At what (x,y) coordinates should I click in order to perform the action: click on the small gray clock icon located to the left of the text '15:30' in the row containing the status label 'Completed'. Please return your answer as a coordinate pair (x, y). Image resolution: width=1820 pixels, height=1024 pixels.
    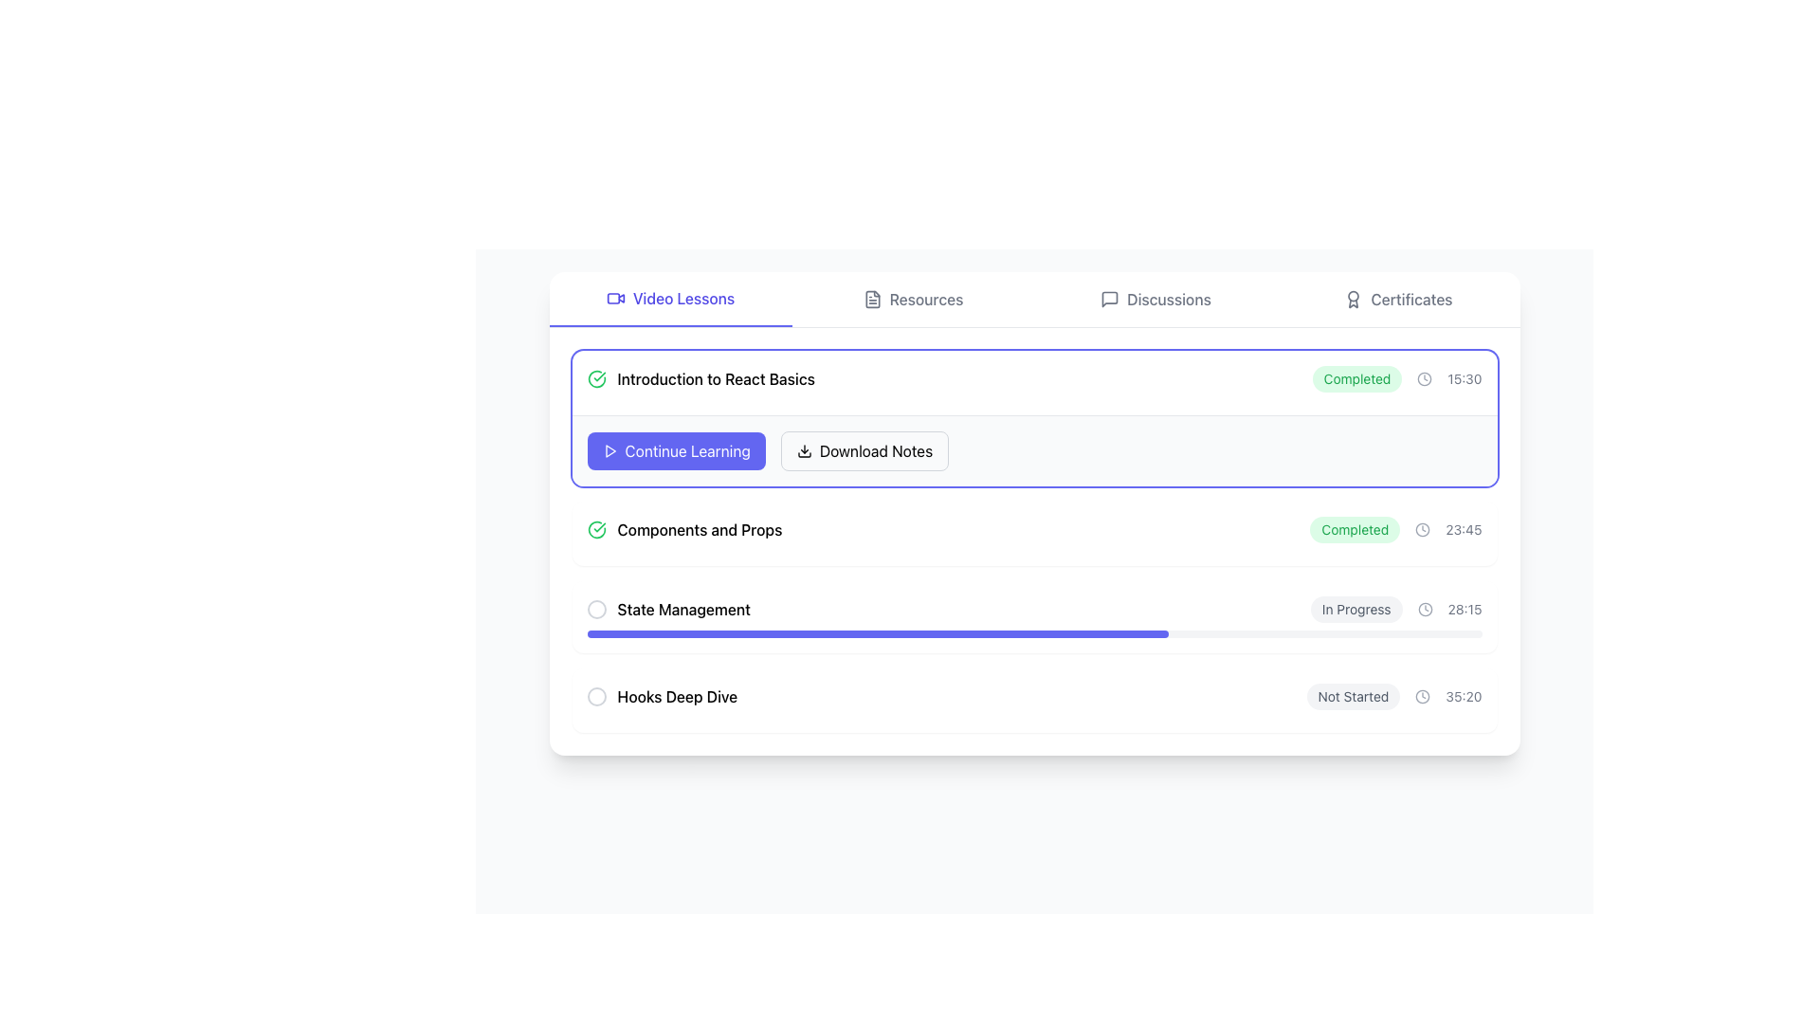
    Looking at the image, I should click on (1425, 379).